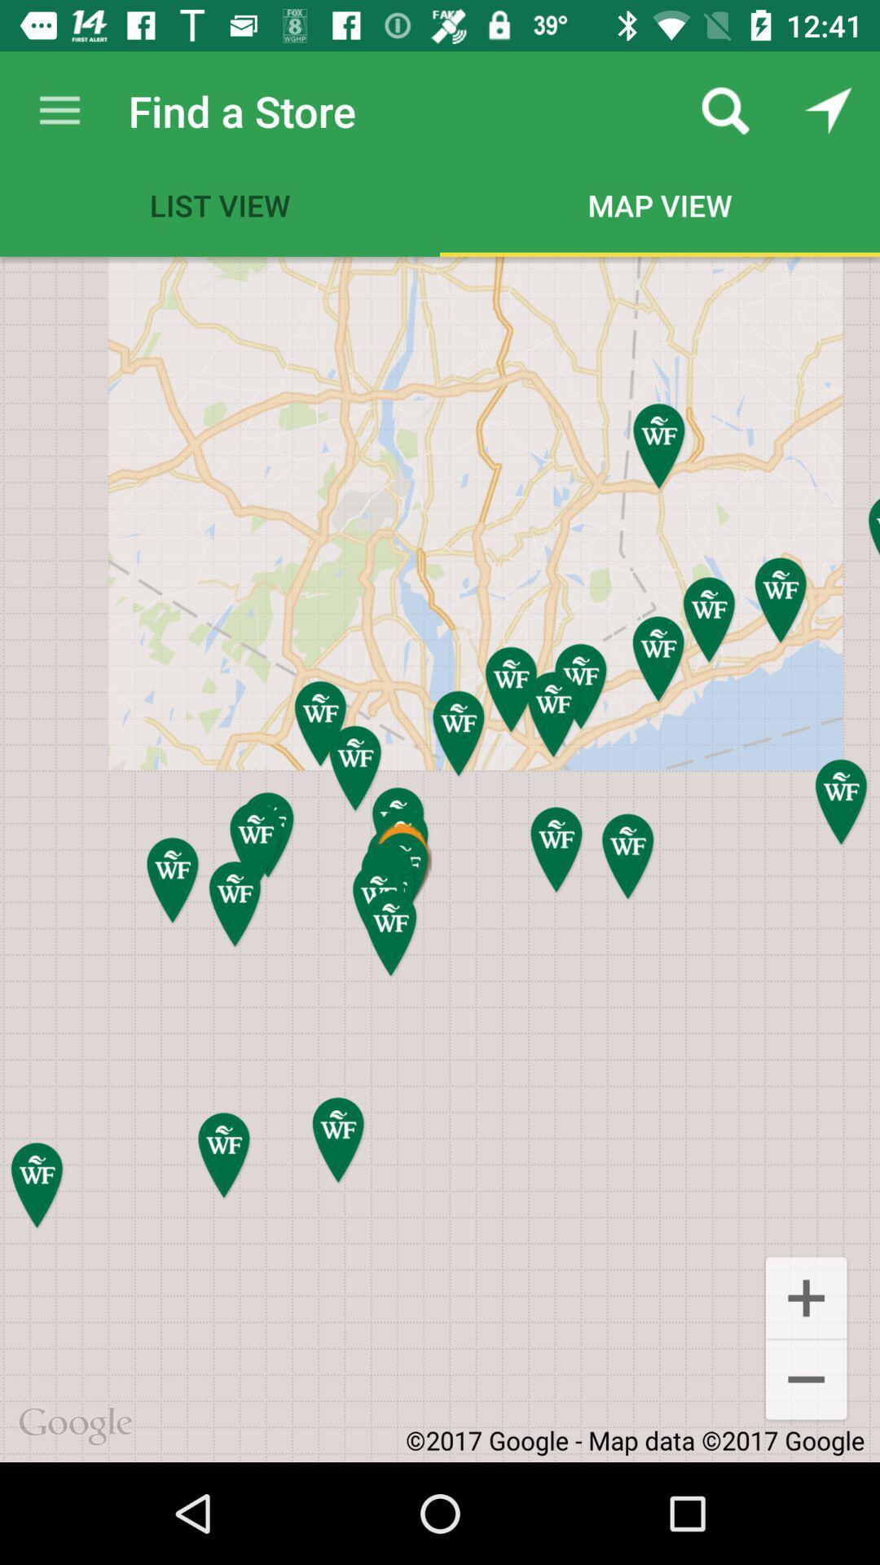  I want to click on item next to the find a store item, so click(59, 110).